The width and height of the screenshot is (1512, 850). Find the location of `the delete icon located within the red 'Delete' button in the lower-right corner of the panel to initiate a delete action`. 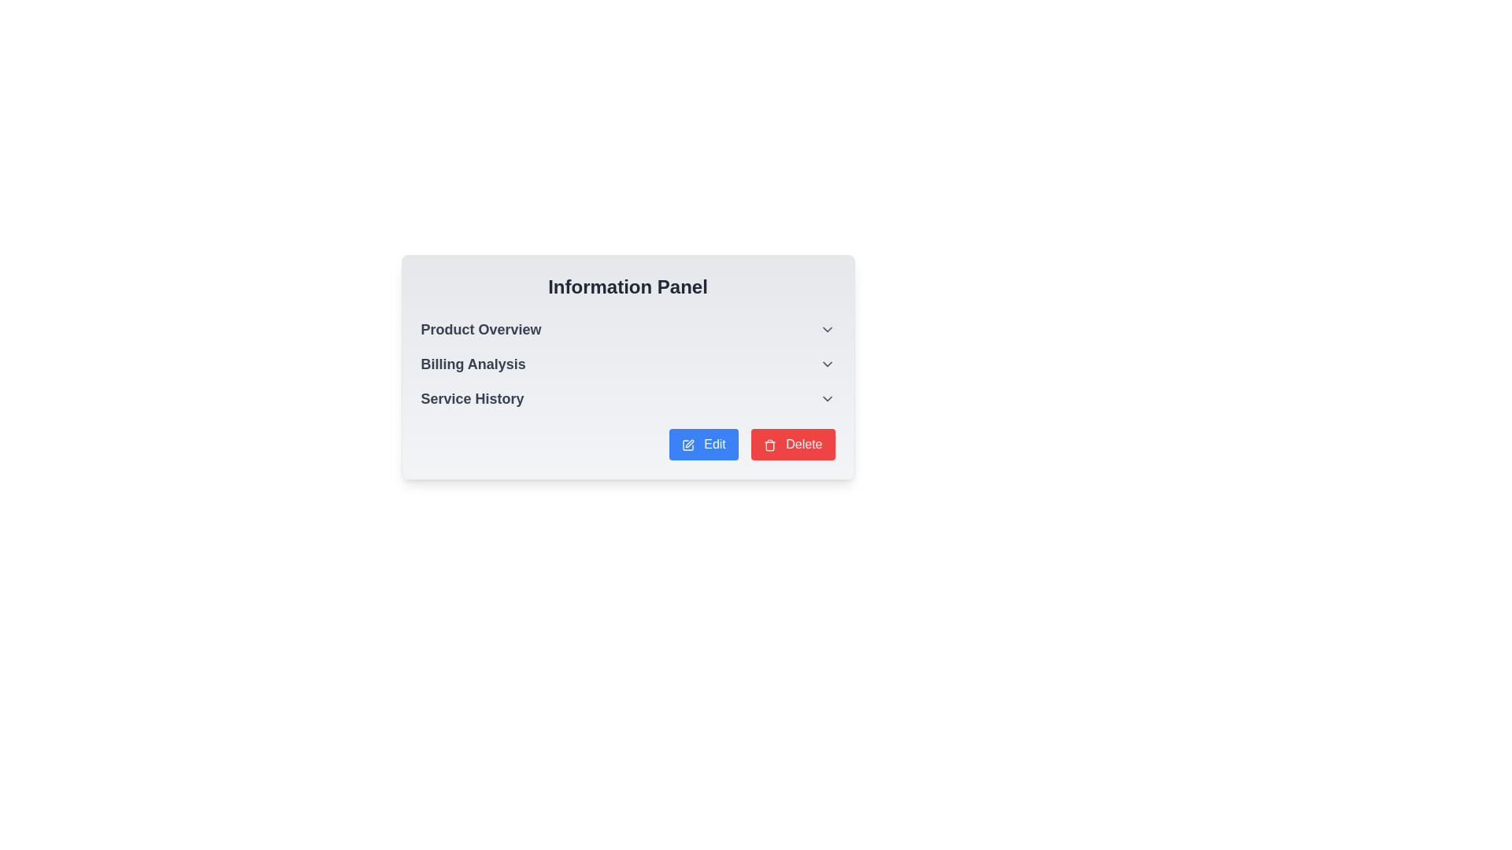

the delete icon located within the red 'Delete' button in the lower-right corner of the panel to initiate a delete action is located at coordinates (769, 445).